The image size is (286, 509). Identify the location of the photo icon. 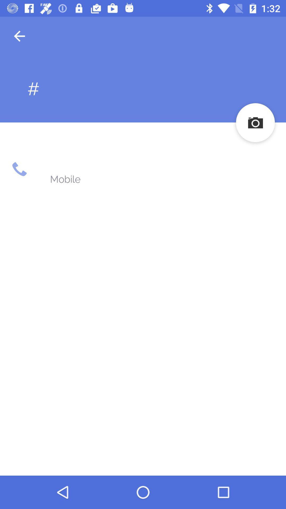
(255, 122).